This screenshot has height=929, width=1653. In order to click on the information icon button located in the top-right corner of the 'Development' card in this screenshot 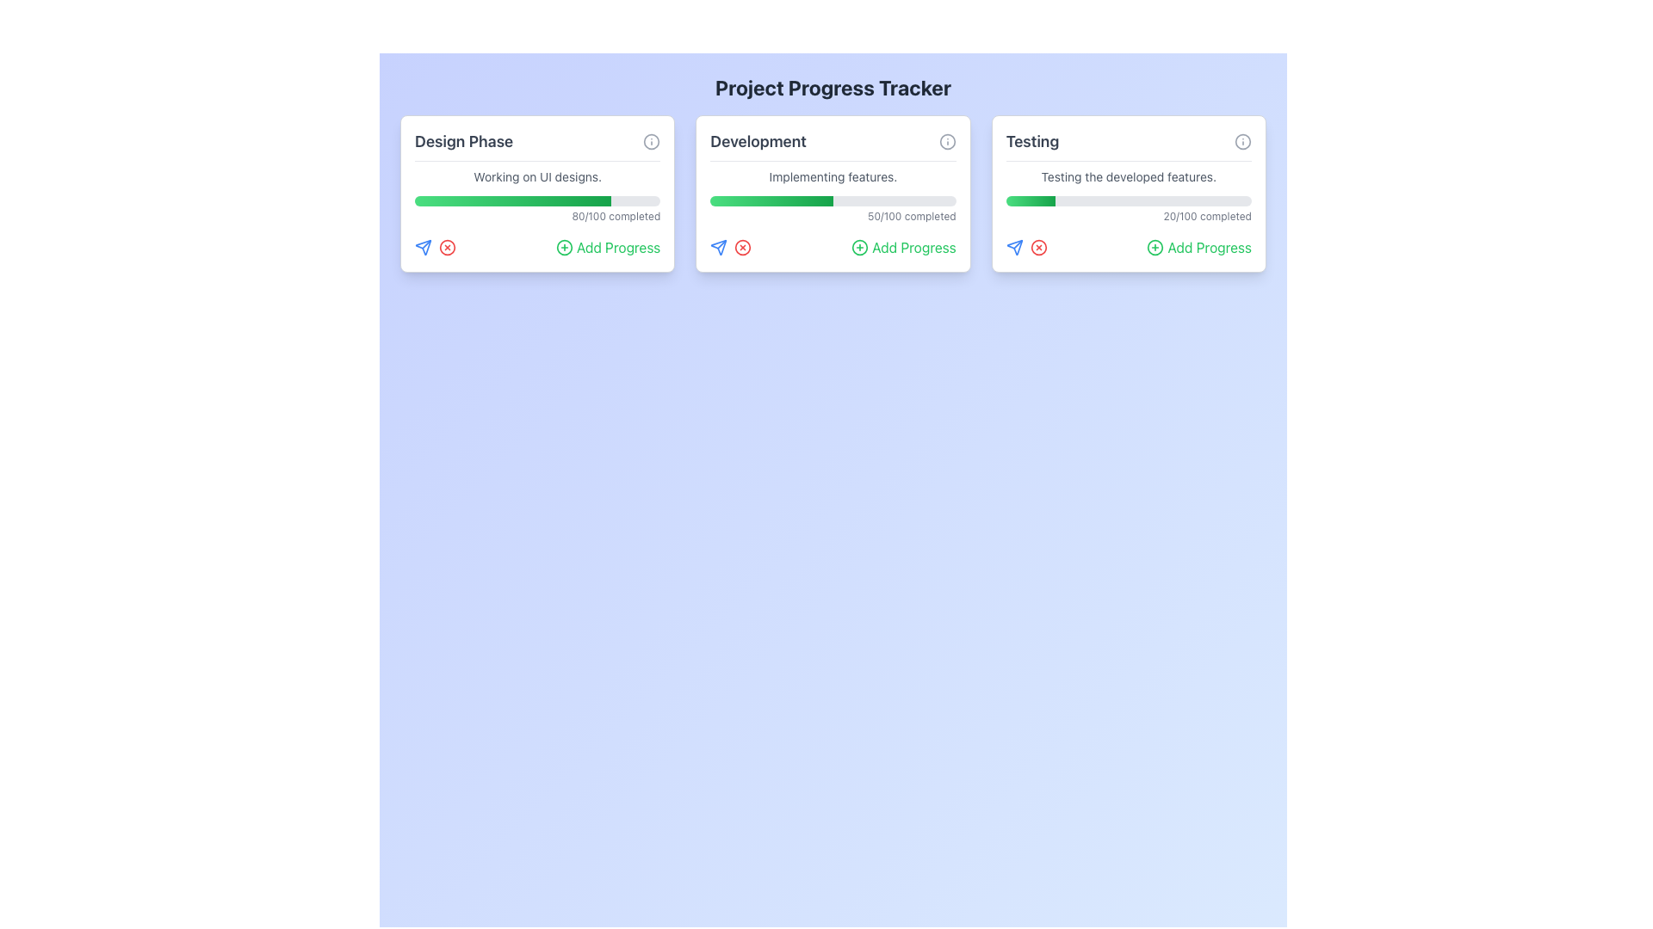, I will do `click(946, 141)`.